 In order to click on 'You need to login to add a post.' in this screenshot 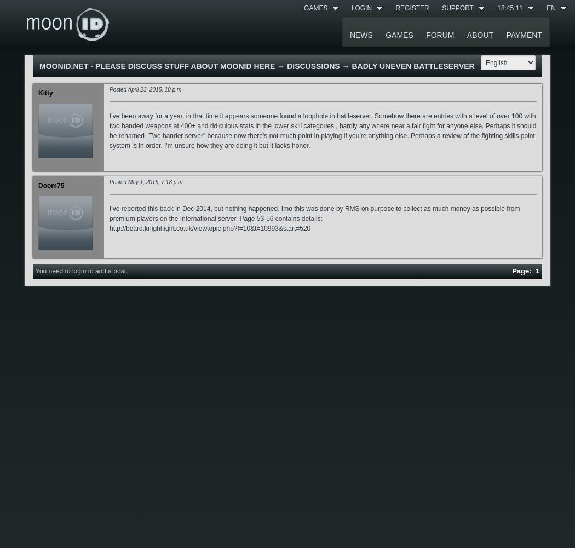, I will do `click(81, 271)`.